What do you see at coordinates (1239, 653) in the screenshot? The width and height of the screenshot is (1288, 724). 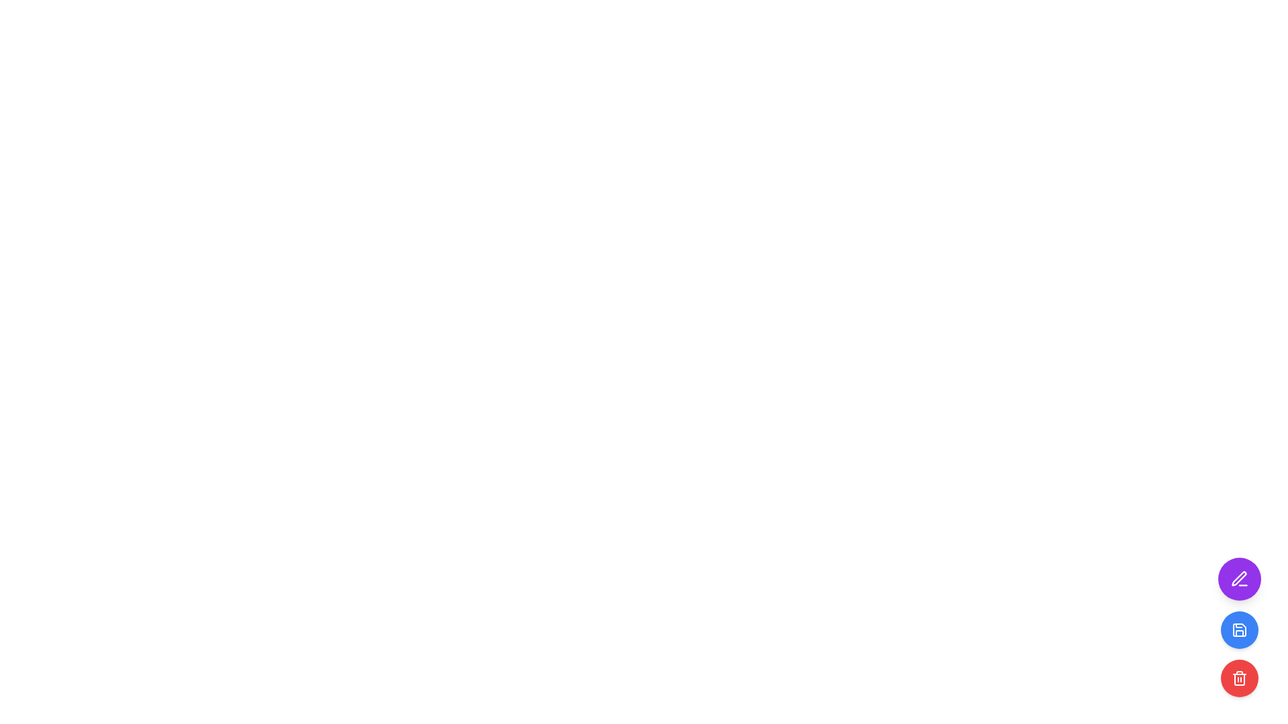 I see `the blue save button within the button group located beneath the purple edit button on the right side of the interface` at bounding box center [1239, 653].